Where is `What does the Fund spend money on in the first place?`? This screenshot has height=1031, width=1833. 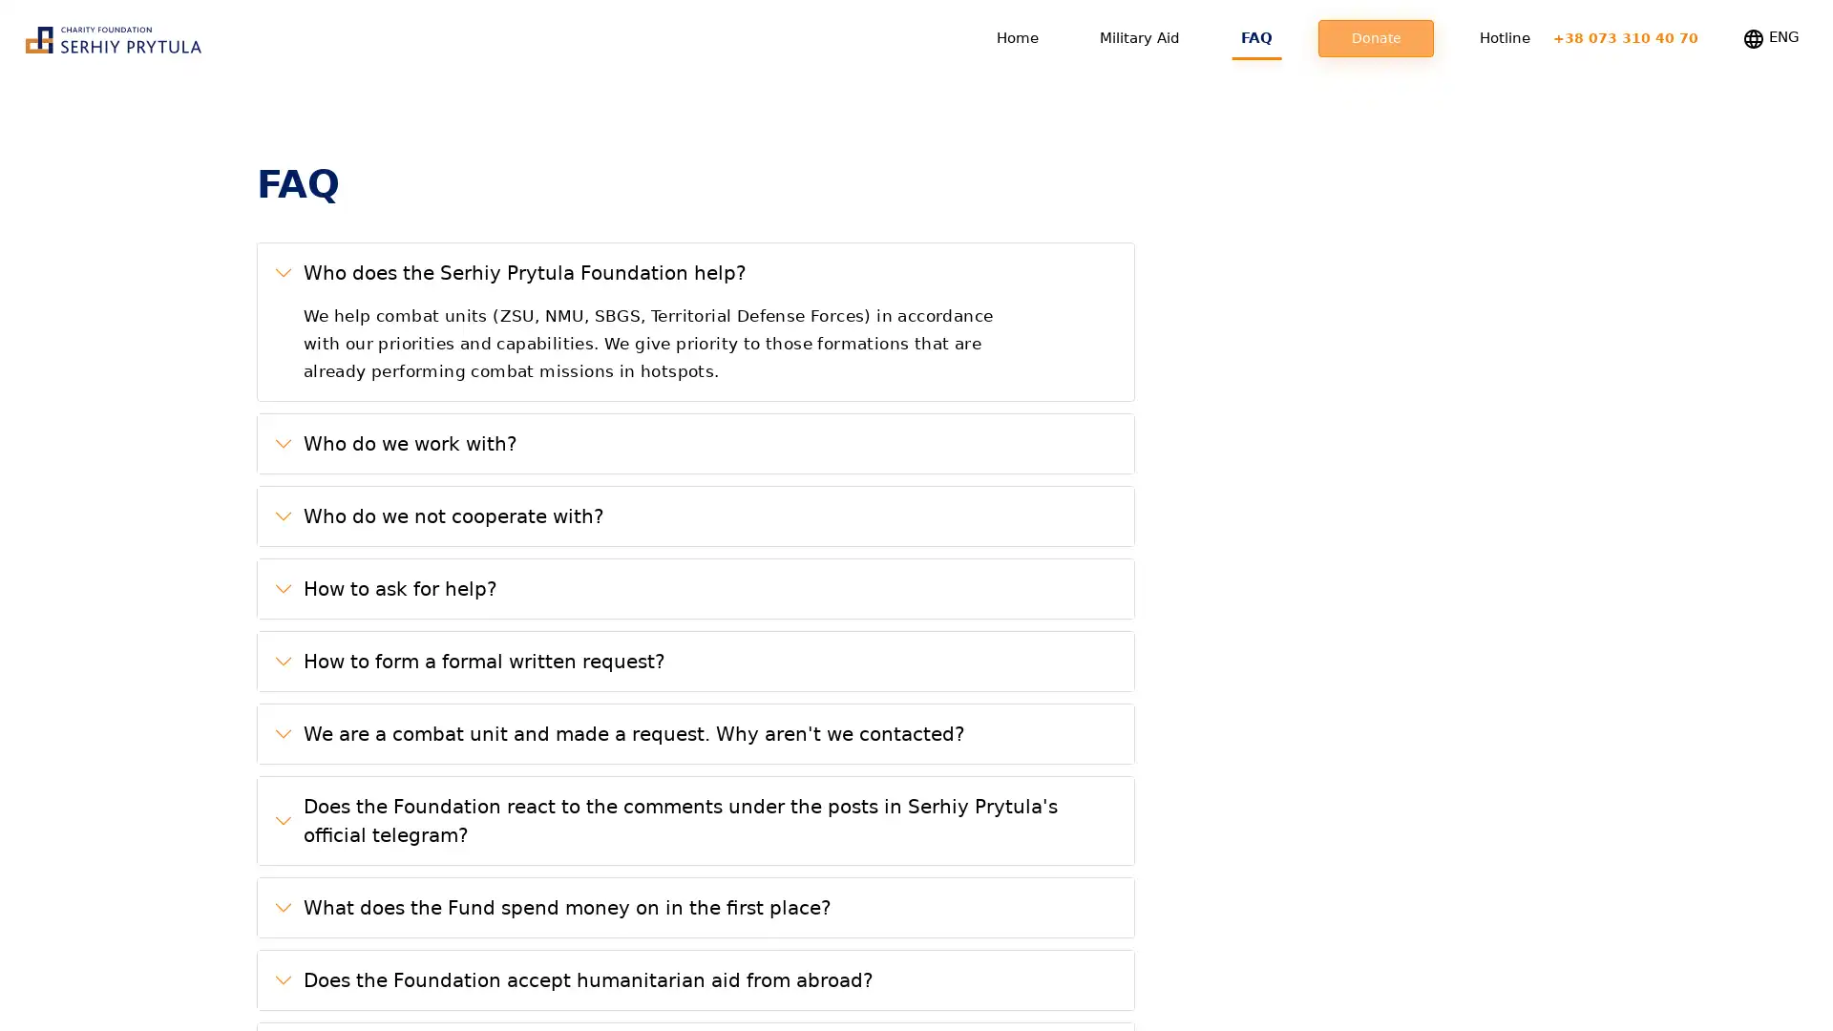
What does the Fund spend money on in the first place? is located at coordinates (694, 907).